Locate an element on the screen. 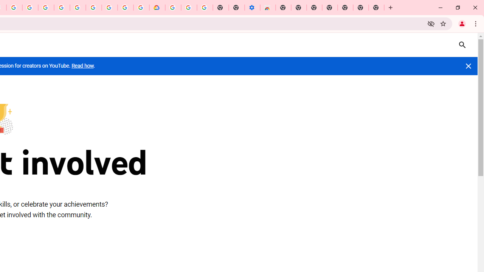 The height and width of the screenshot is (272, 484). 'Google Account Help' is located at coordinates (189, 8).